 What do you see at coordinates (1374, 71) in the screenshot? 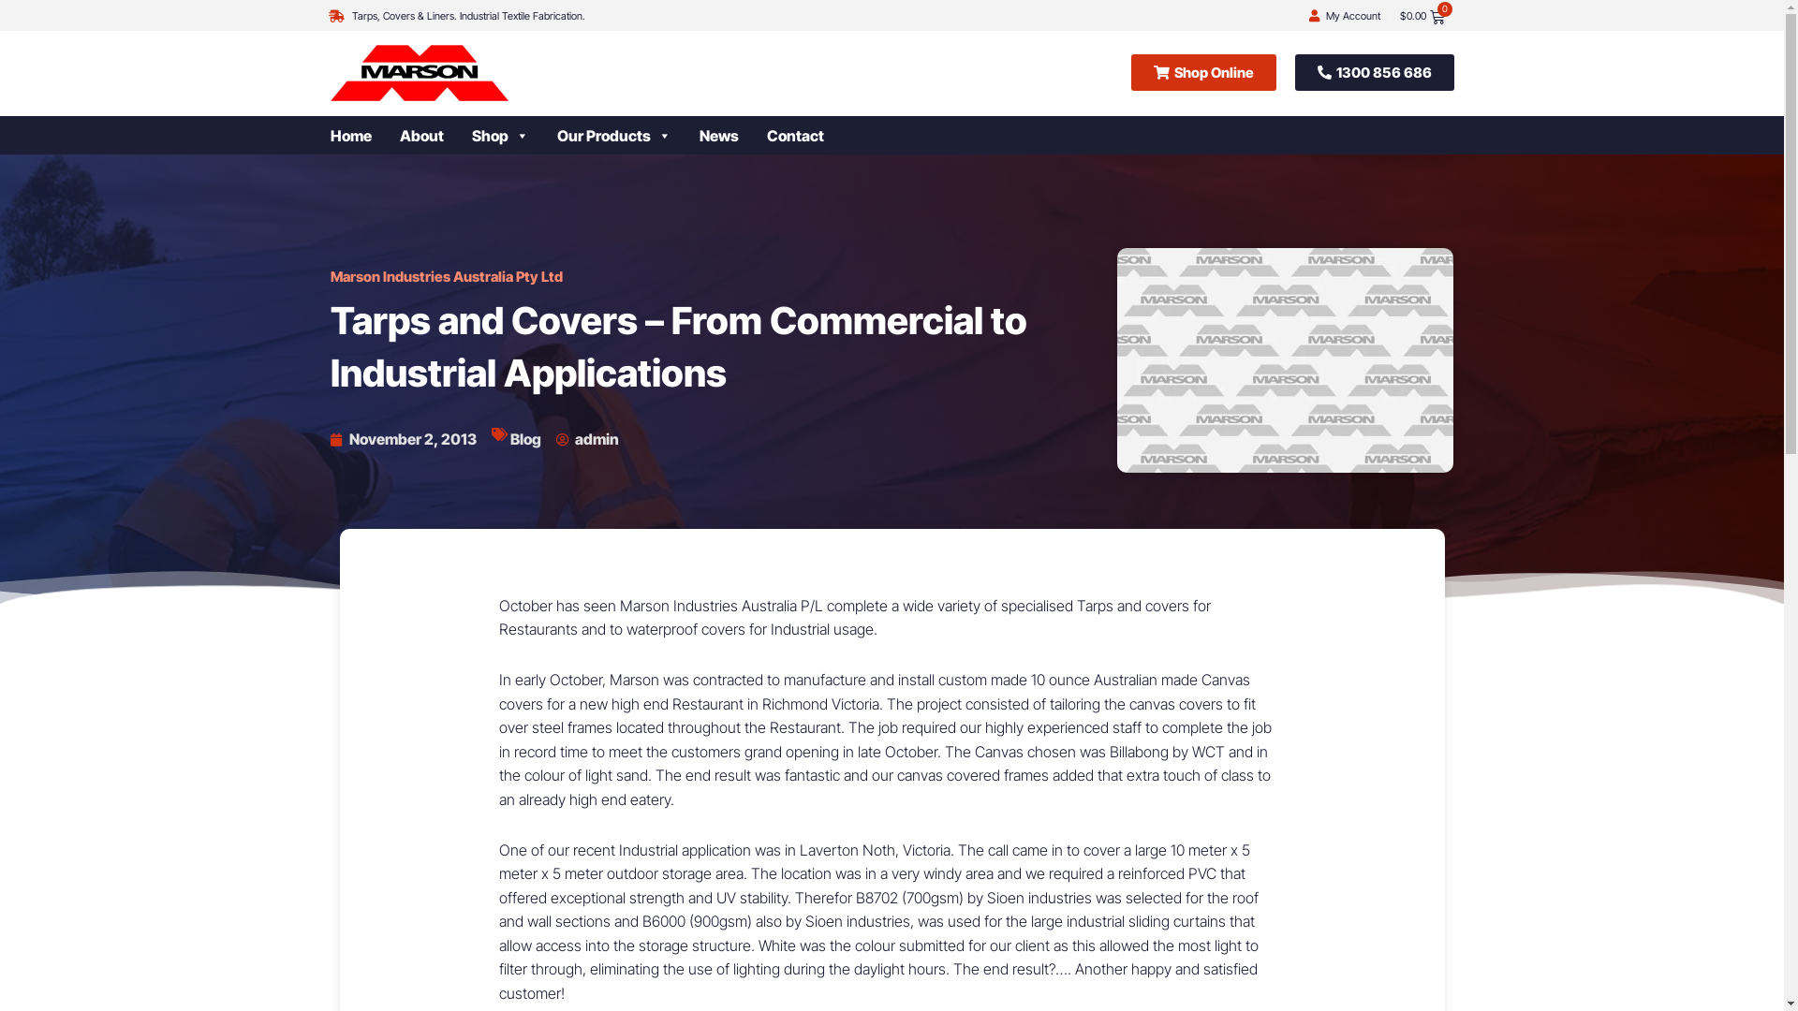
I see `'1300 856 686'` at bounding box center [1374, 71].